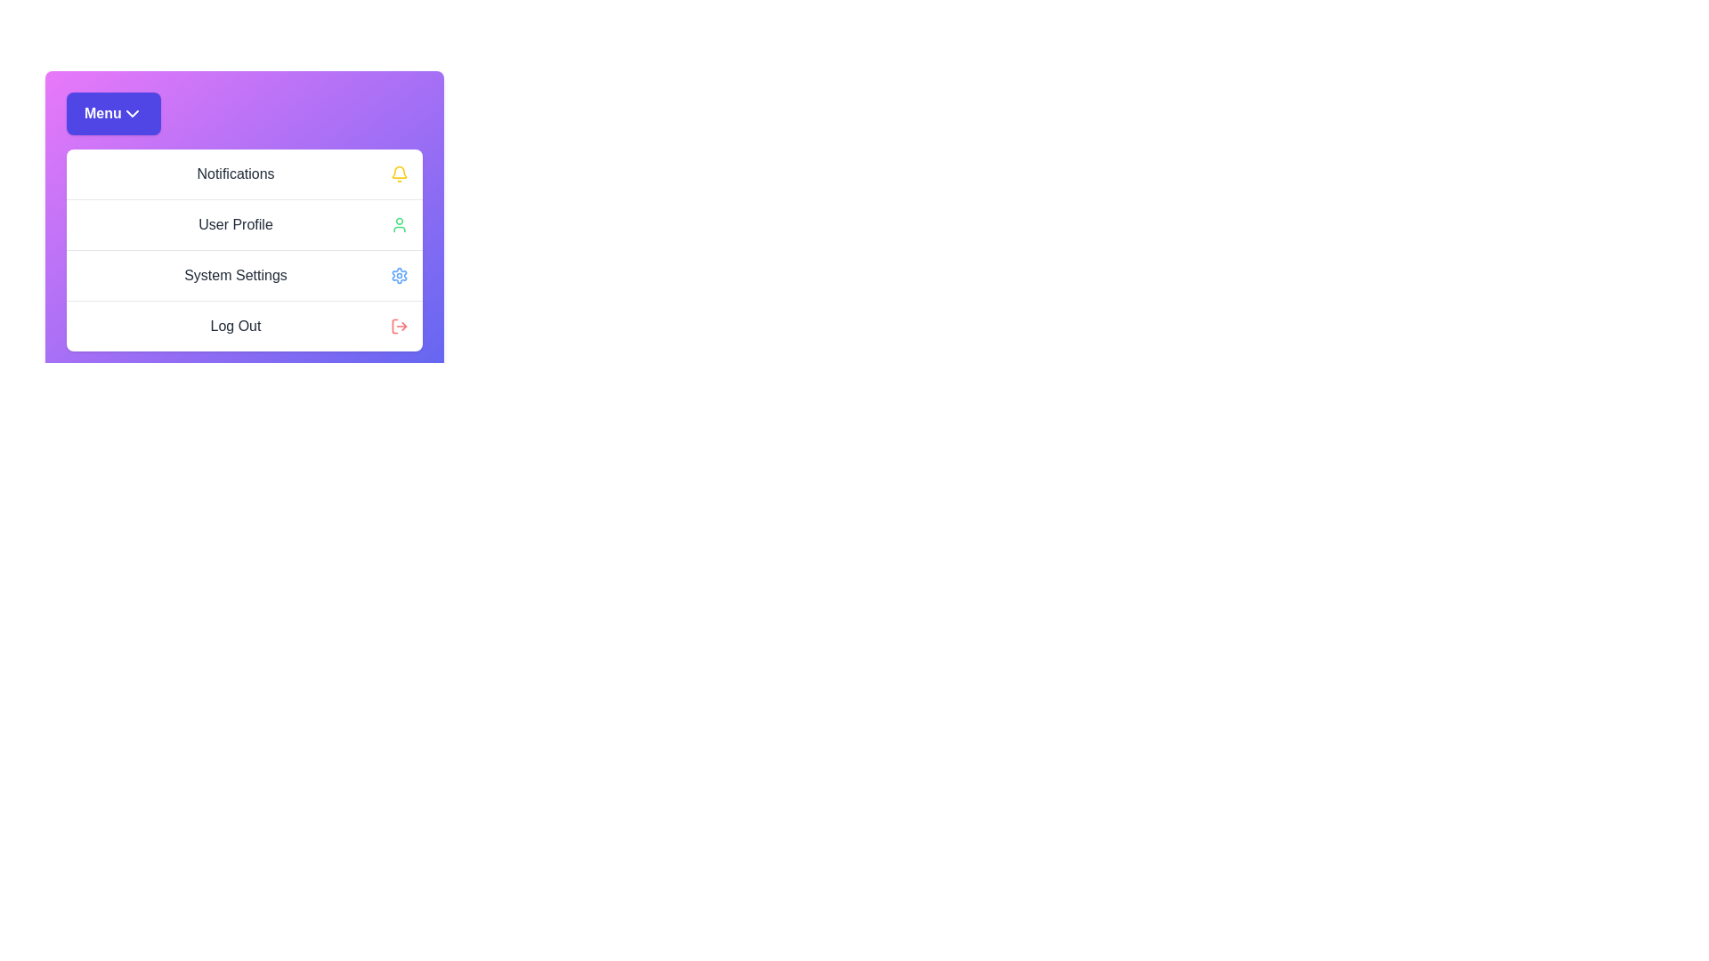  I want to click on the menu item labeled User Profile, so click(243, 223).